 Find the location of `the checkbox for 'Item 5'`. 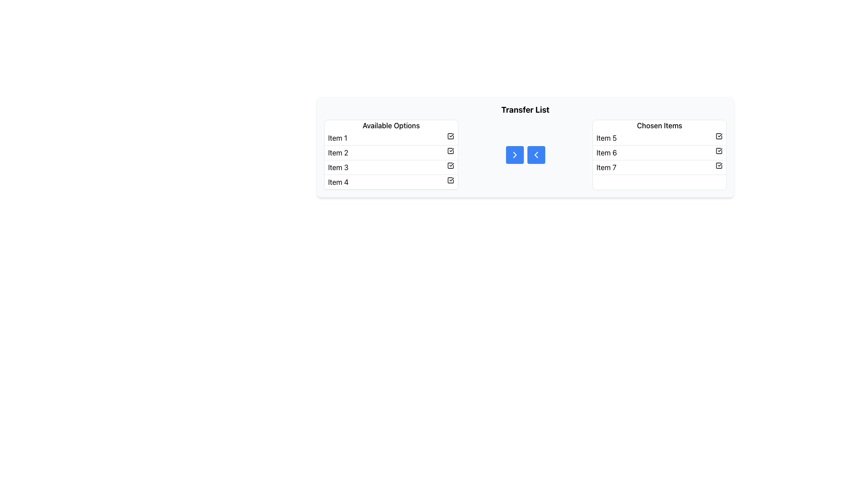

the checkbox for 'Item 5' is located at coordinates (719, 136).